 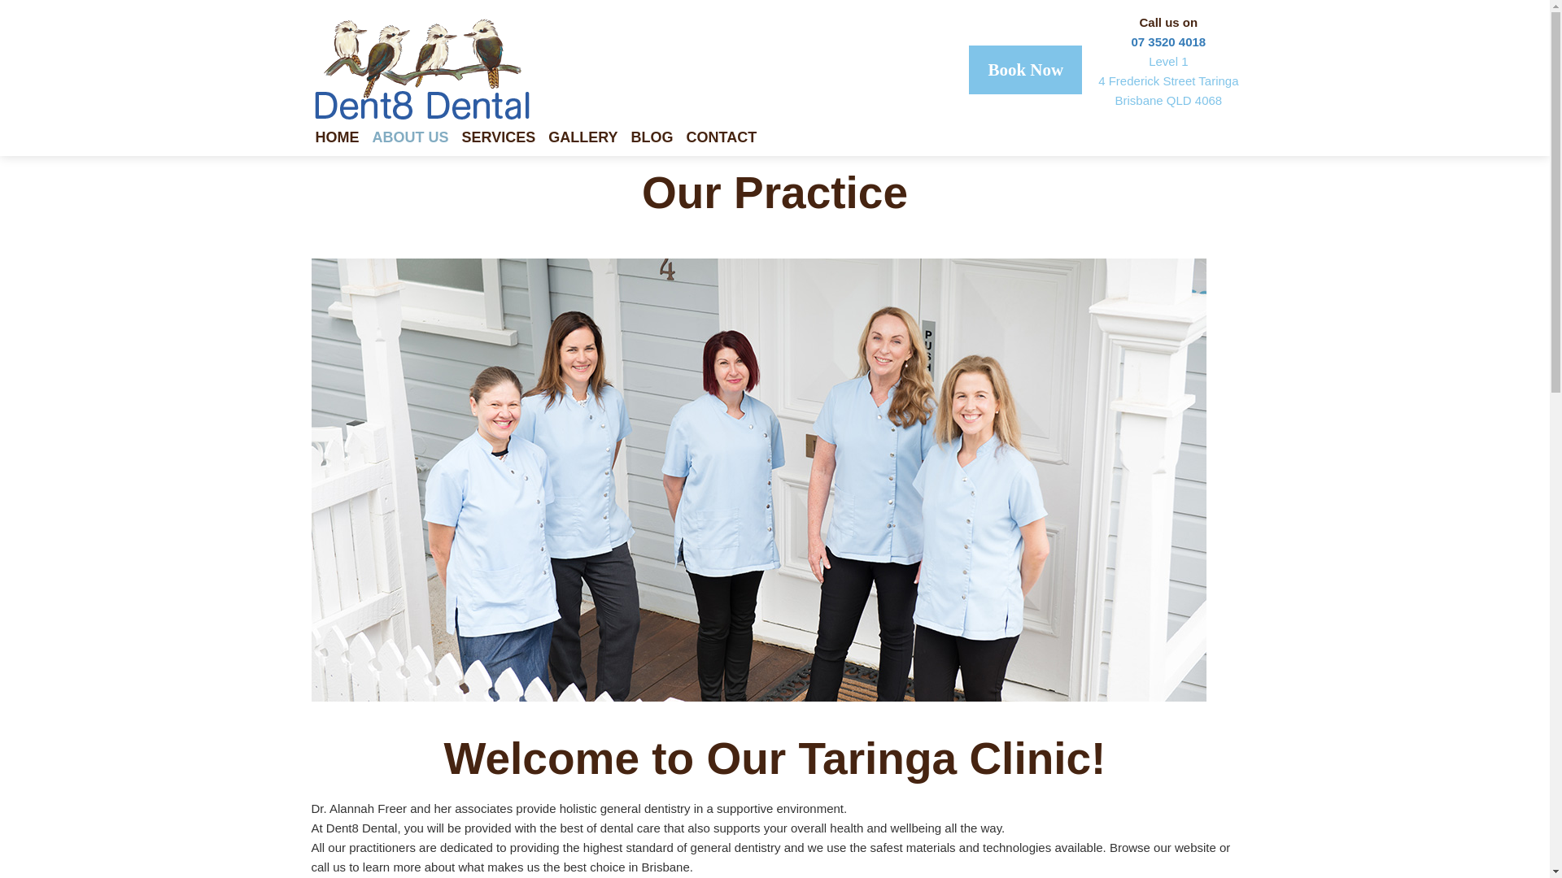 I want to click on 'ABOUT US', so click(x=371, y=140).